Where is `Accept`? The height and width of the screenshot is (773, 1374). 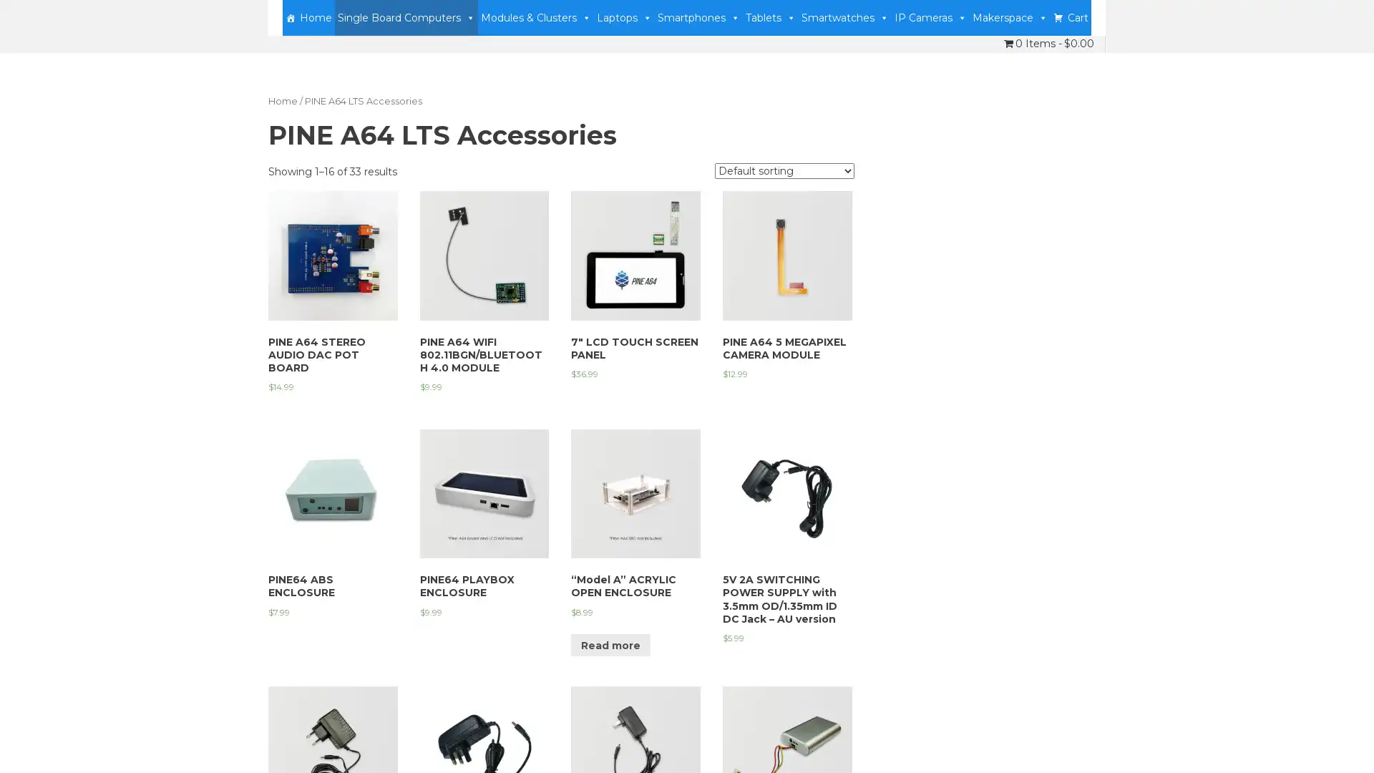
Accept is located at coordinates (906, 751).